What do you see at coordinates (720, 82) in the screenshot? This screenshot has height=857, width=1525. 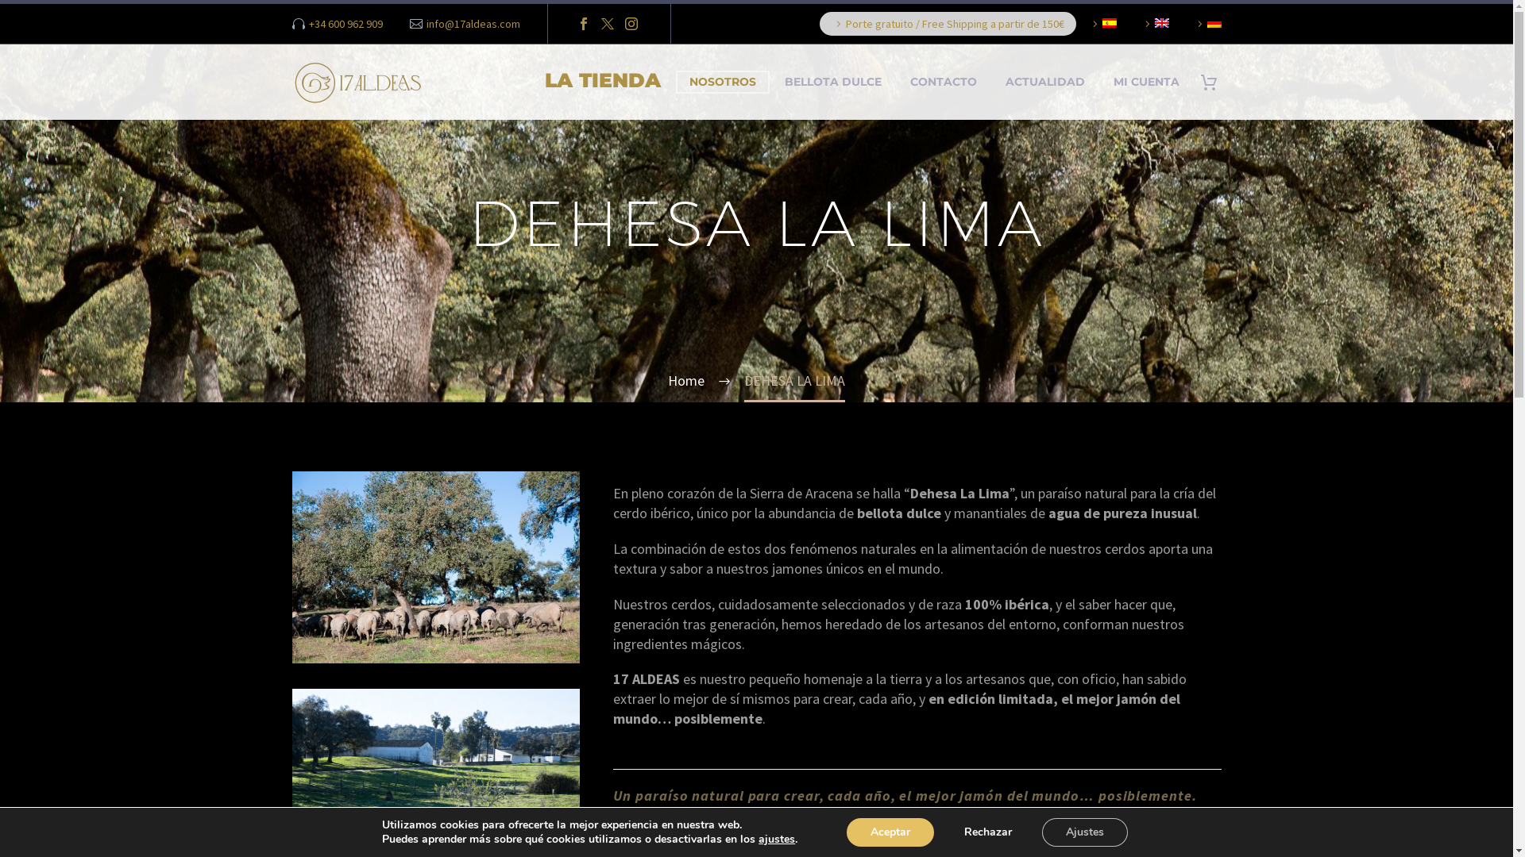 I see `'NOSOTROS'` at bounding box center [720, 82].